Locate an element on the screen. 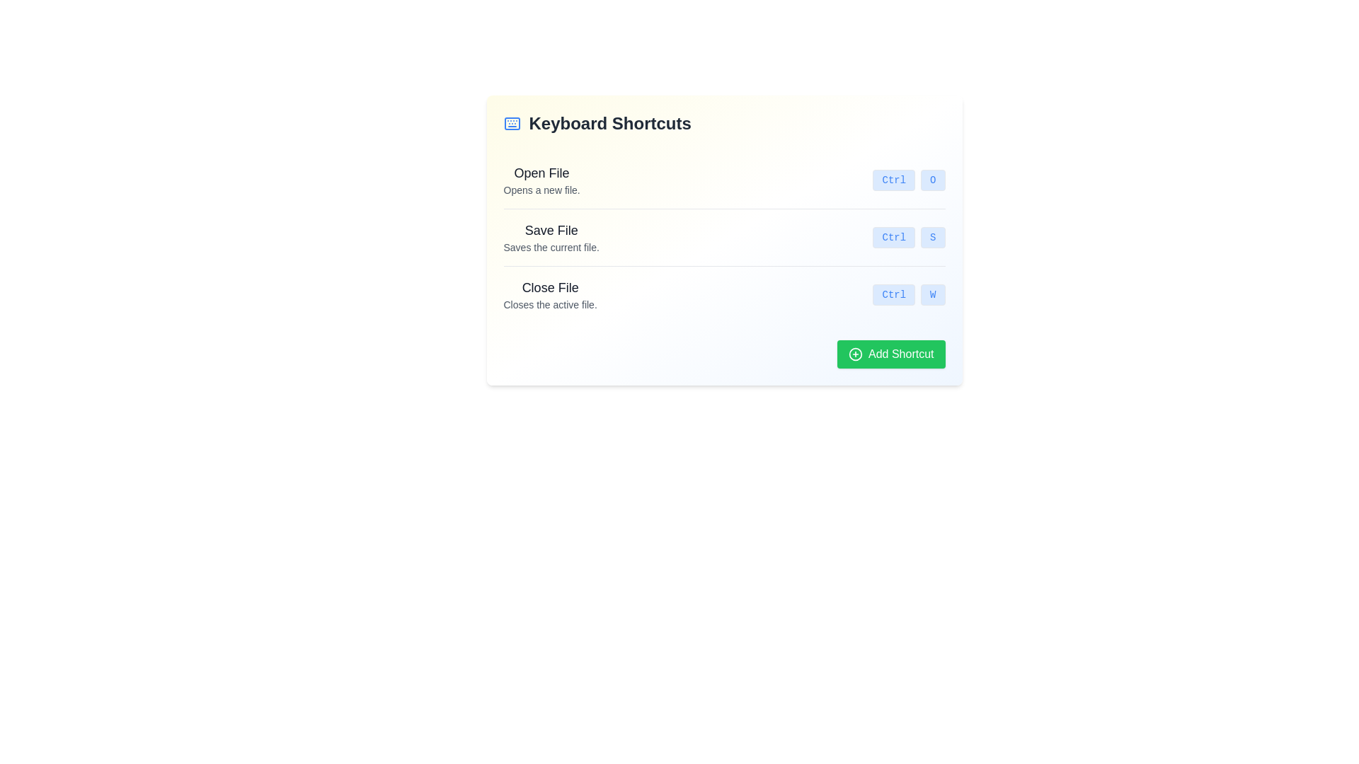 Image resolution: width=1359 pixels, height=764 pixels. the descriptive text snippet that reads 'Saves the current file.' located below the 'Save File' header is located at coordinates (551, 247).